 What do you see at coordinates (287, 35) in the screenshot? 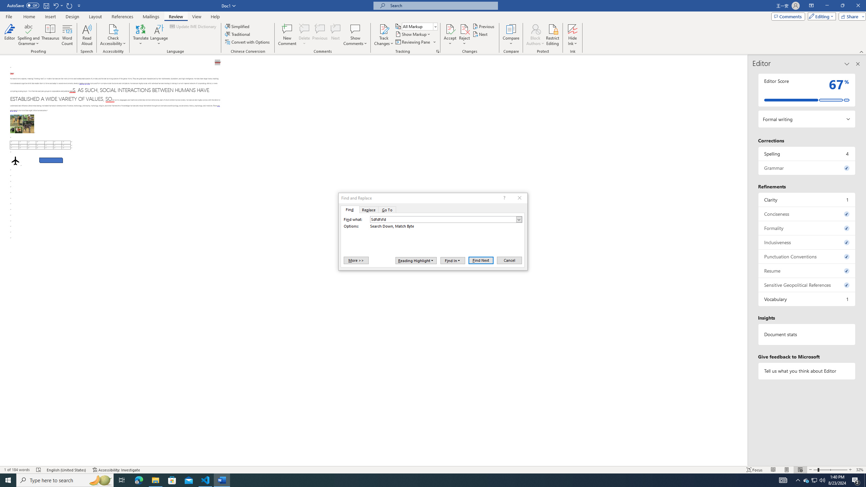
I see `'New Comment'` at bounding box center [287, 35].